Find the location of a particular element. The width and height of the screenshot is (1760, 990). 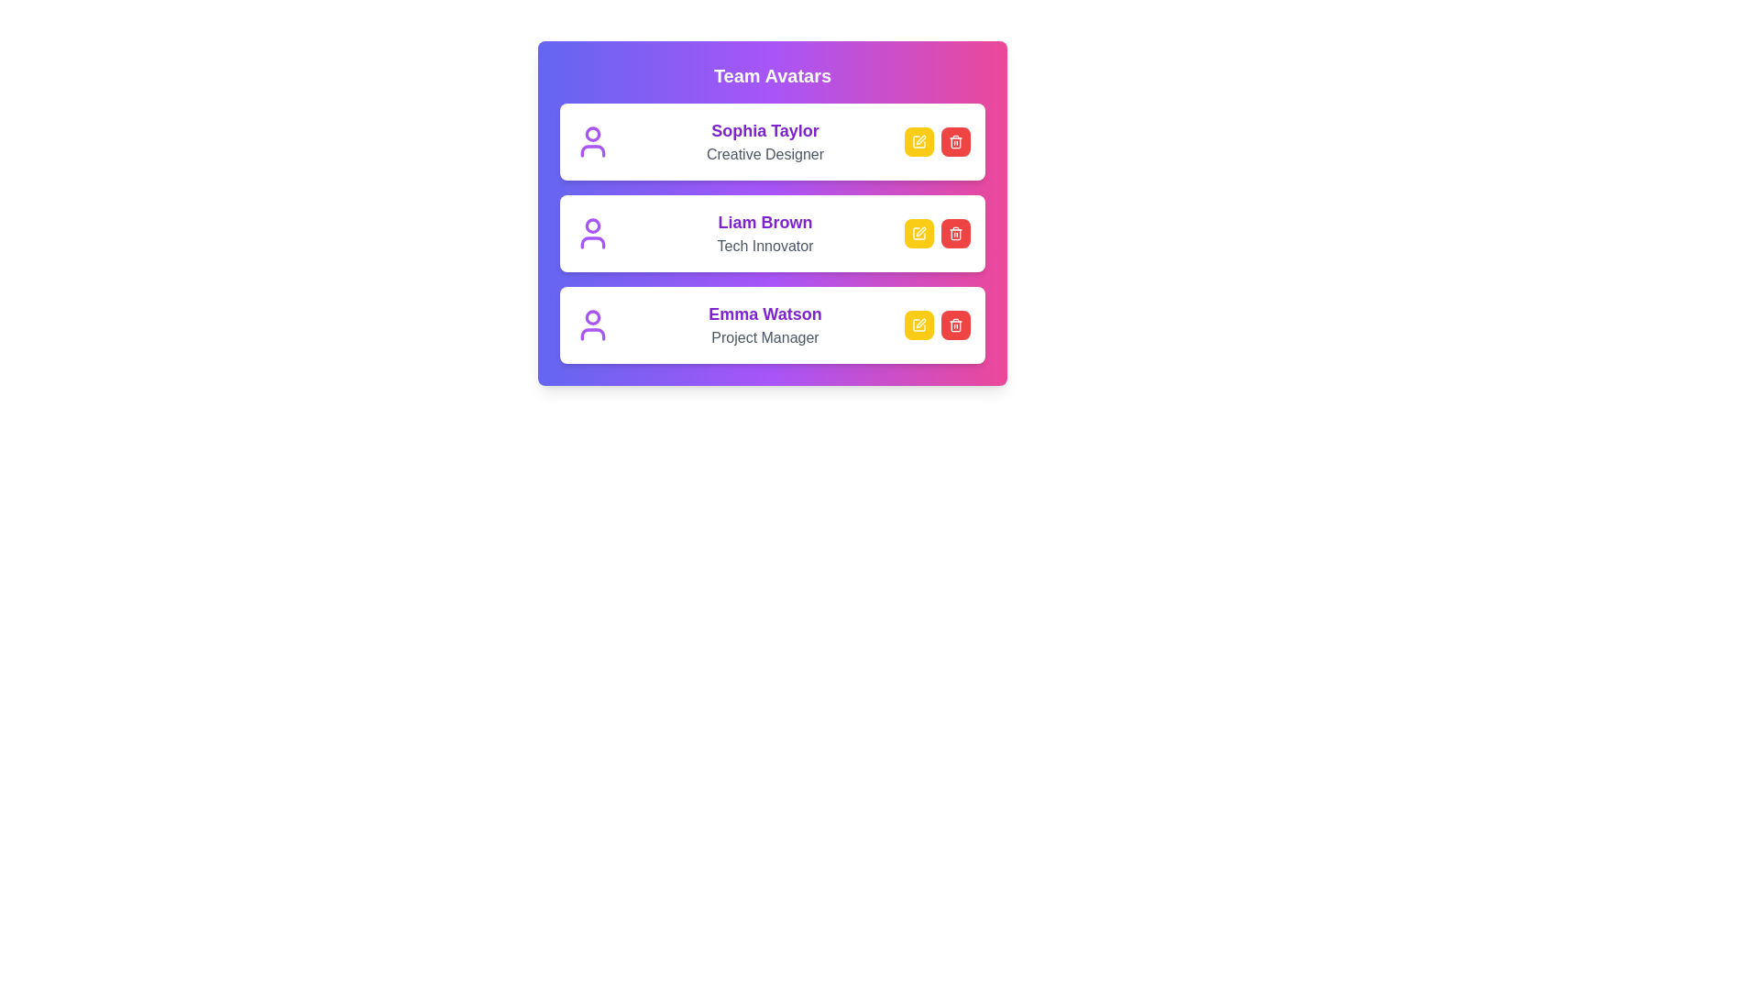

the circular shape SVG element representing the user profile icon for 'Sophia Taylor' in the 'Team Avatars' list is located at coordinates (593, 133).